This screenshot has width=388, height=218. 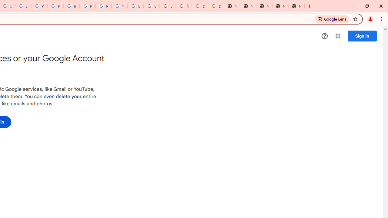 What do you see at coordinates (296, 6) in the screenshot?
I see `'New Tab'` at bounding box center [296, 6].